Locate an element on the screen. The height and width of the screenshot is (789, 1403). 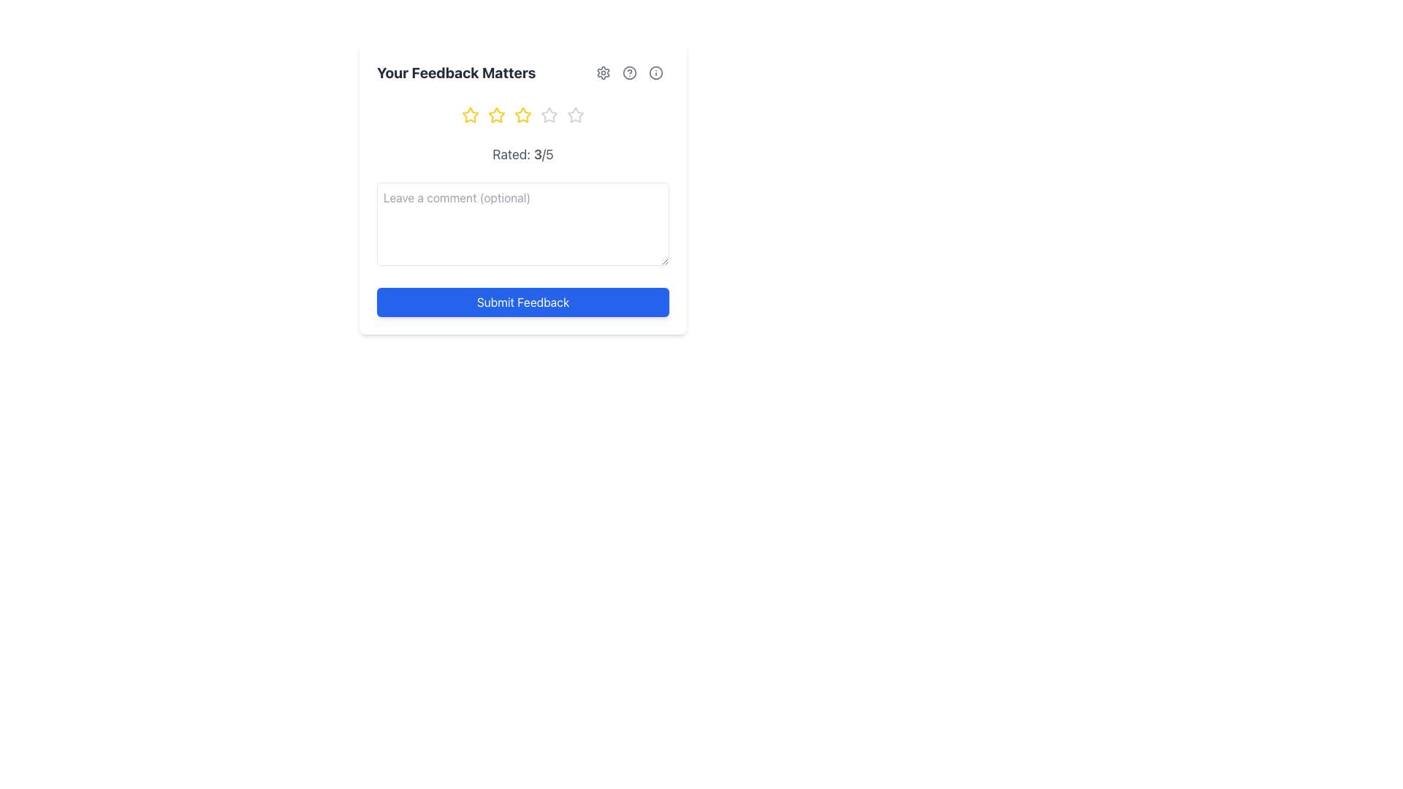
text from the prominent heading label that says 'Your Feedback Matters', which is styled with bold font and dark gray color is located at coordinates (455, 73).